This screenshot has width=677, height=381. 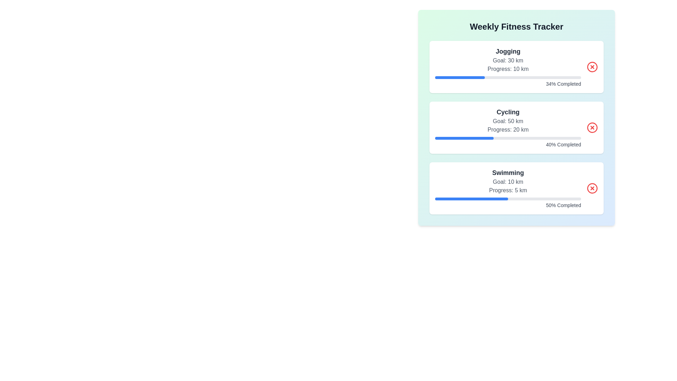 I want to click on the 'Weekly Fitness Tracker' header text, so click(x=516, y=26).